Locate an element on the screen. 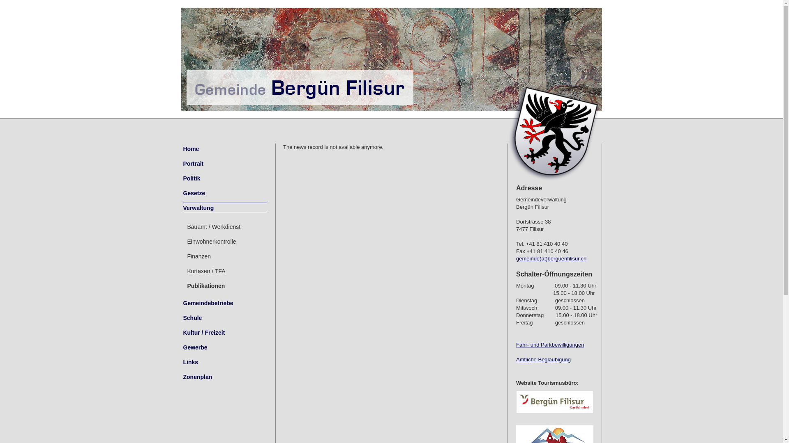  'Finanzen' is located at coordinates (183, 256).